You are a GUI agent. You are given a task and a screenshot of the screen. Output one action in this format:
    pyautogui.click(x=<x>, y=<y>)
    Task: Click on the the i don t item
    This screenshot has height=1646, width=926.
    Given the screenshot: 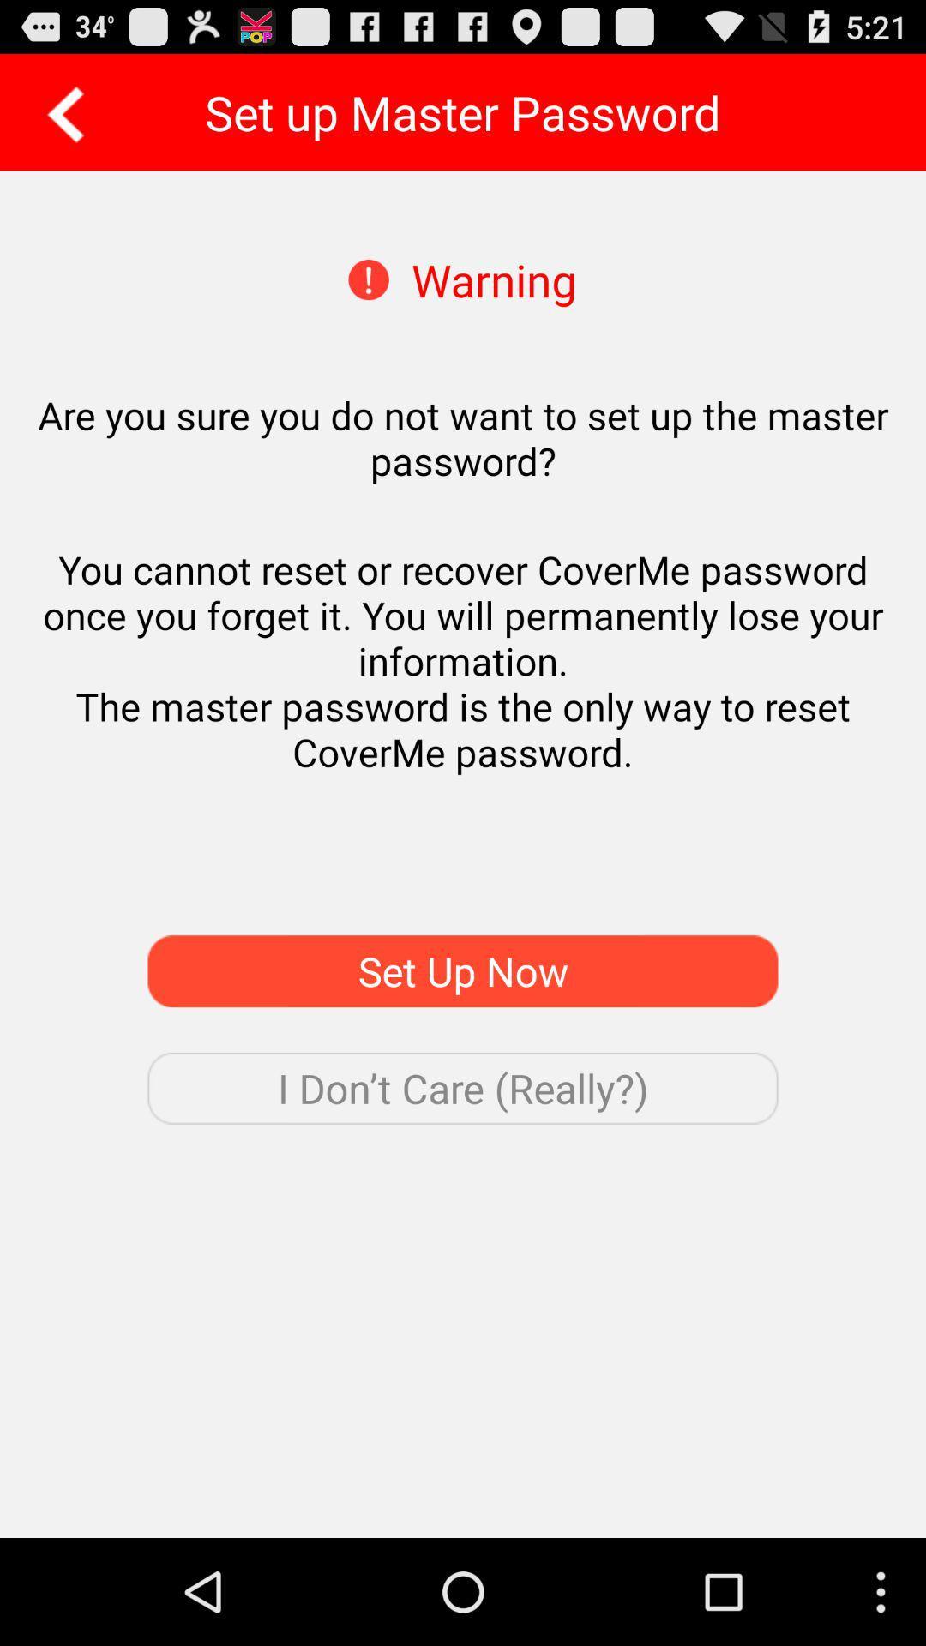 What is the action you would take?
    pyautogui.click(x=463, y=1087)
    